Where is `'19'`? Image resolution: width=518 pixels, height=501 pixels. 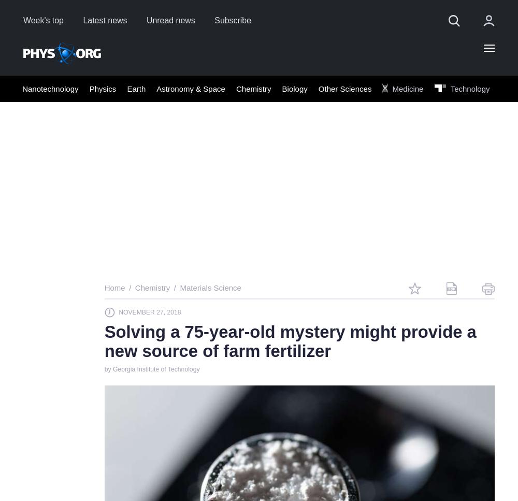 '19' is located at coordinates (59, 349).